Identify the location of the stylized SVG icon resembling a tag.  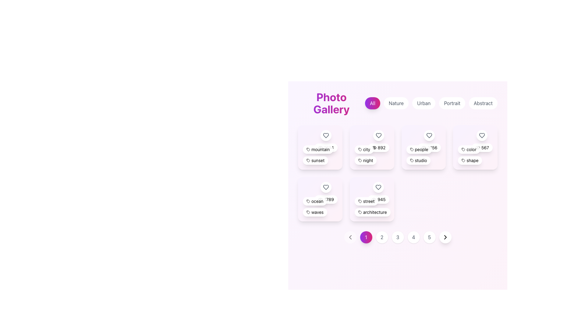
(308, 211).